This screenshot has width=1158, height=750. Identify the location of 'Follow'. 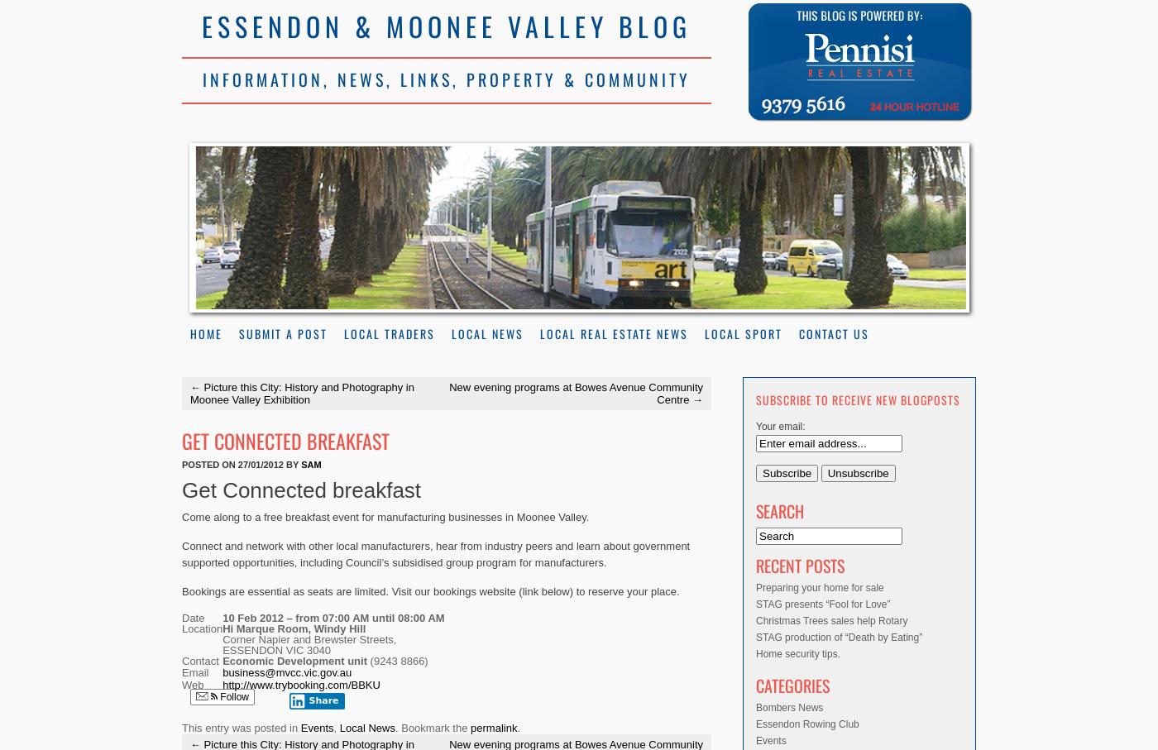
(232, 695).